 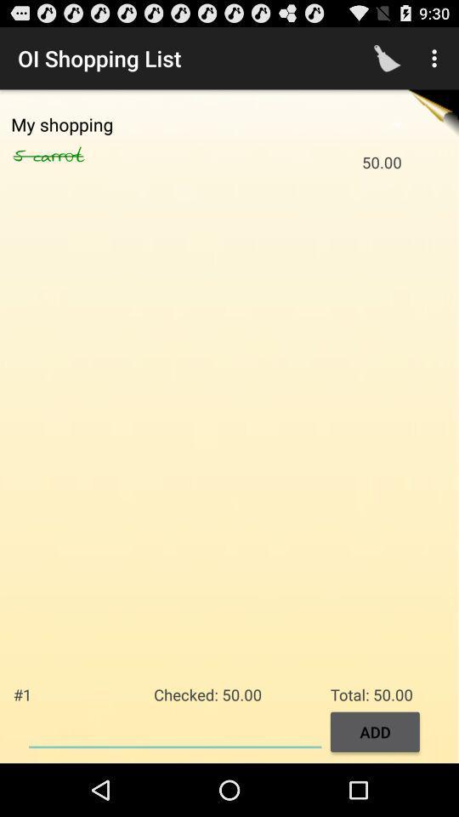 What do you see at coordinates (174, 729) in the screenshot?
I see `total amount` at bounding box center [174, 729].